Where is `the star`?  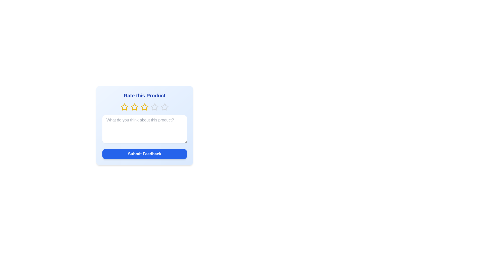 the star is located at coordinates (144, 107).